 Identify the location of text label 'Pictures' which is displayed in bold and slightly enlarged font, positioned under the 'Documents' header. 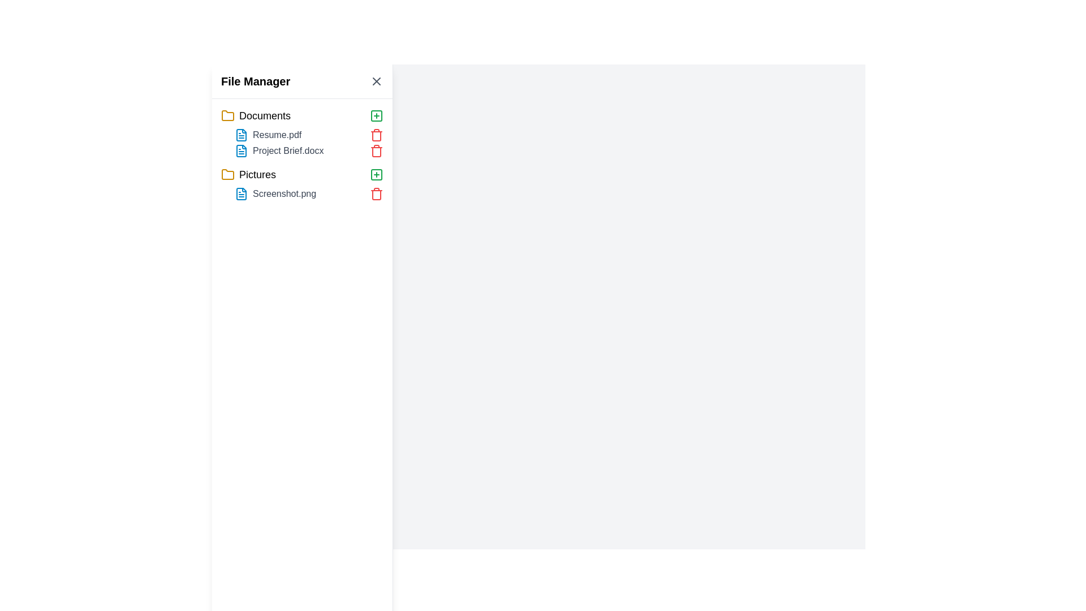
(257, 174).